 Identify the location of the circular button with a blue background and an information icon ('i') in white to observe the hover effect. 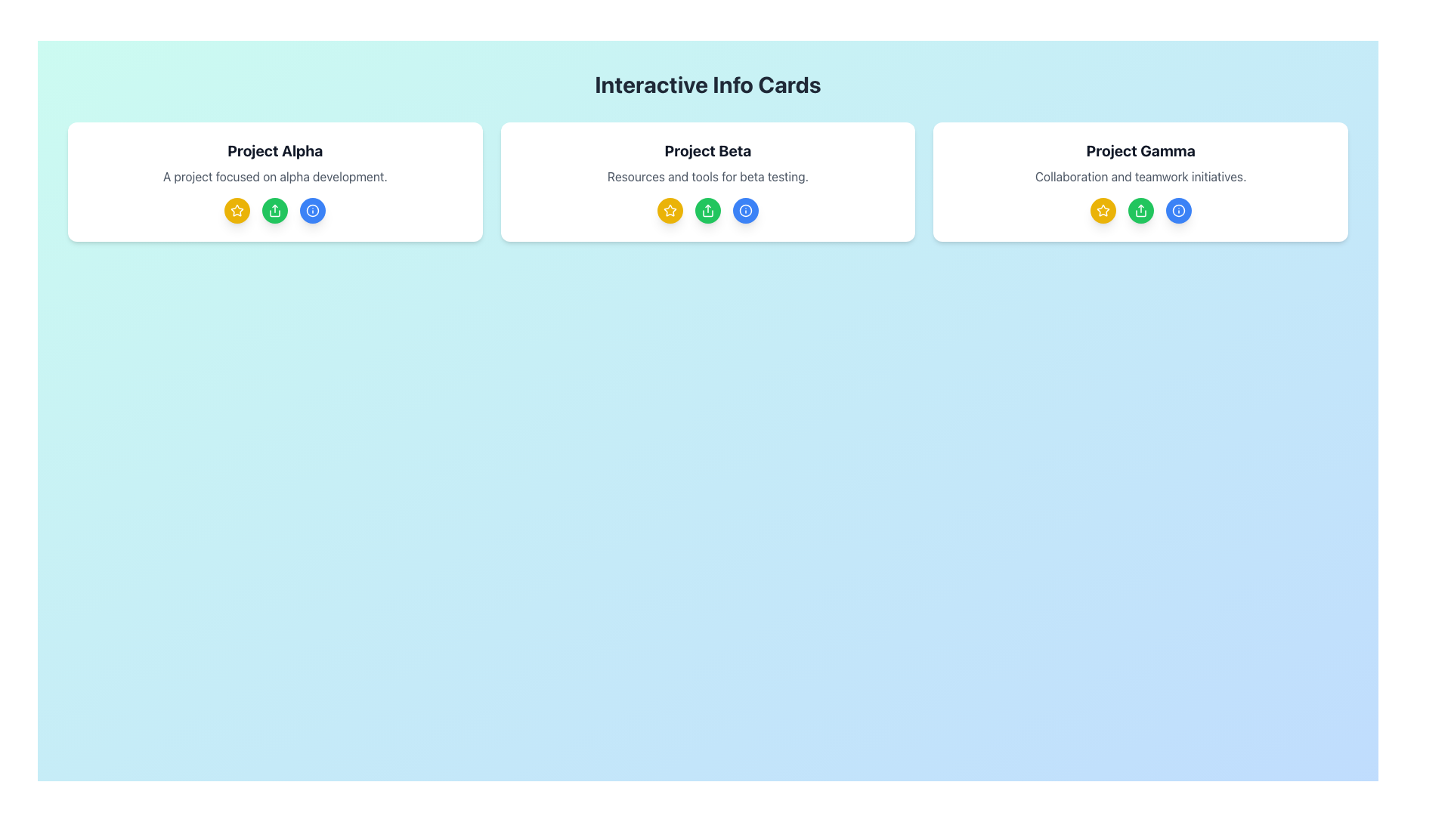
(1177, 210).